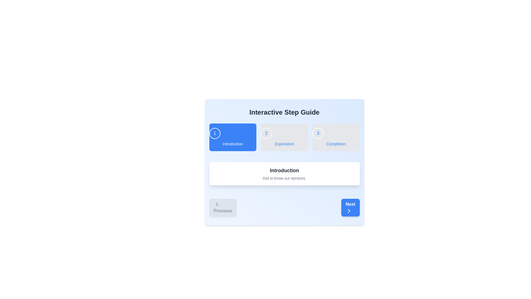 This screenshot has height=299, width=531. What do you see at coordinates (284, 137) in the screenshot?
I see `the informational button labeled 'Exploration' located in the second position of the navigation bar below the title 'Interactive Step Guide'` at bounding box center [284, 137].